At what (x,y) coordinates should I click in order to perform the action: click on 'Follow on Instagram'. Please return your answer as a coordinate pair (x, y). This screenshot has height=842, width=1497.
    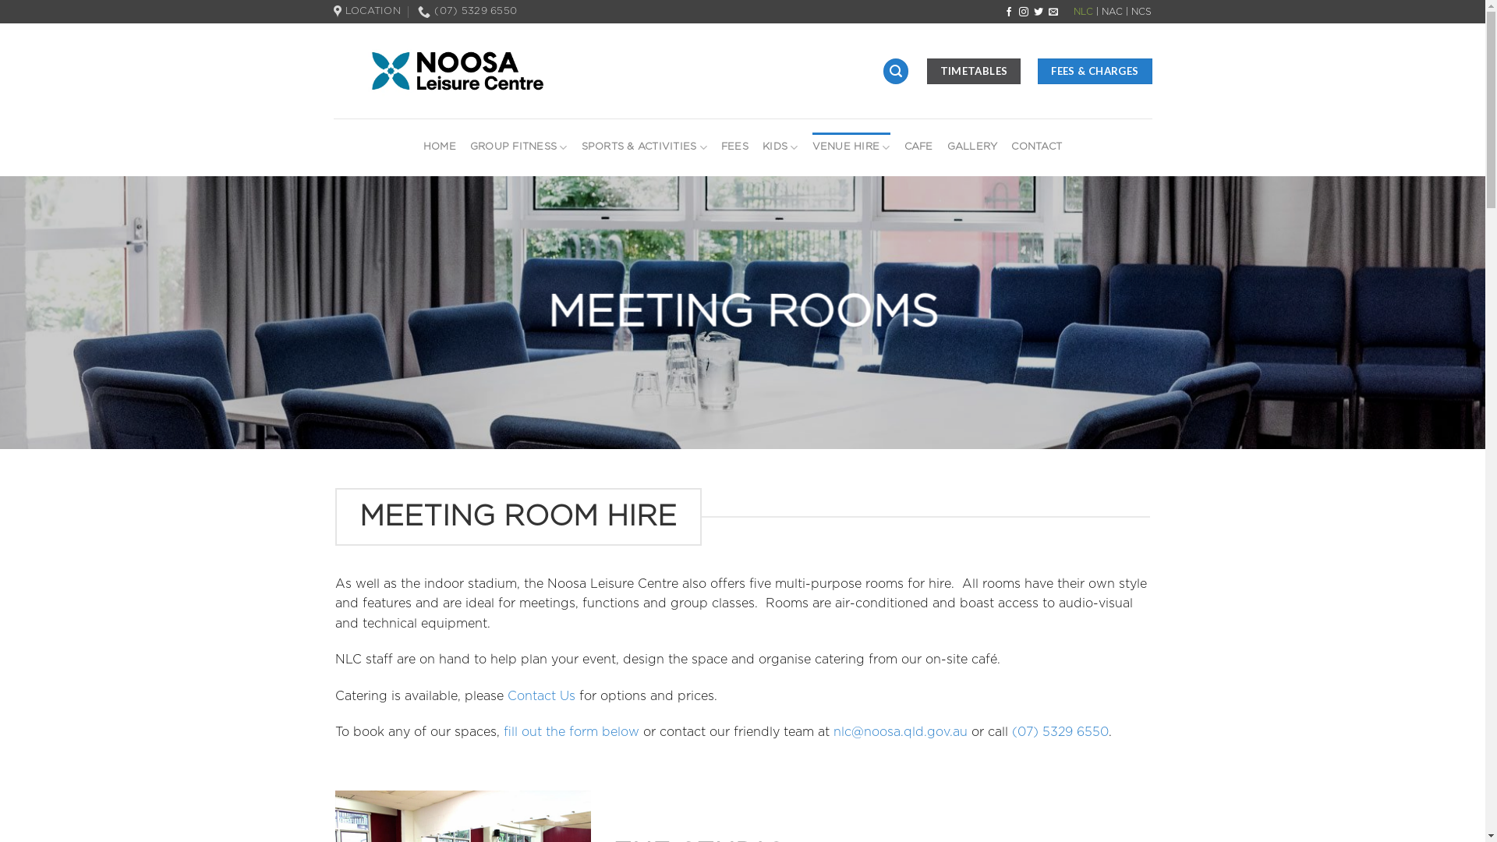
    Looking at the image, I should click on (1024, 12).